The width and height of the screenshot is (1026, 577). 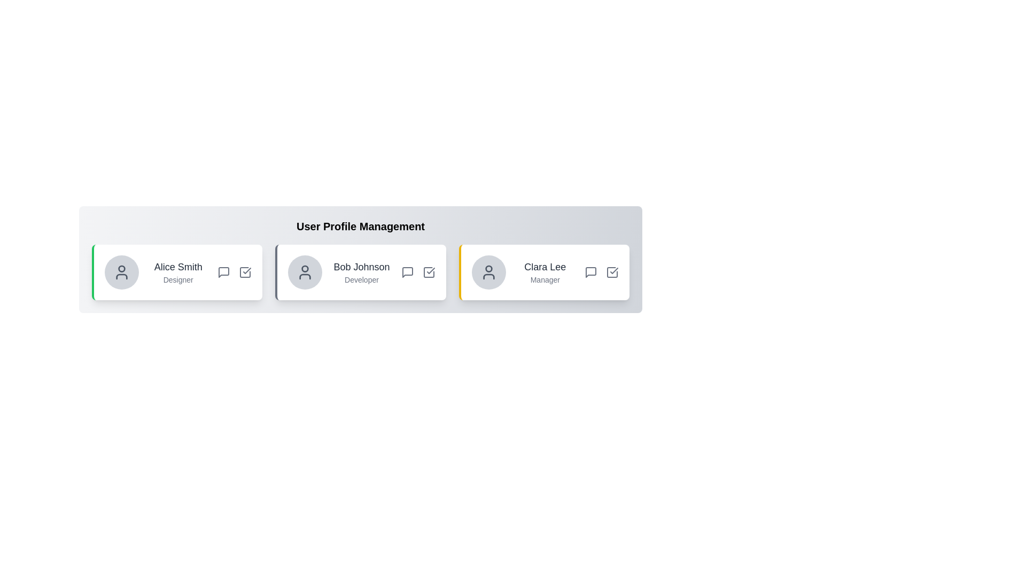 I want to click on the checkmark within the square icon in the third user card labeled 'Clara Lee', which indicates completion or selection functionality, so click(x=614, y=270).